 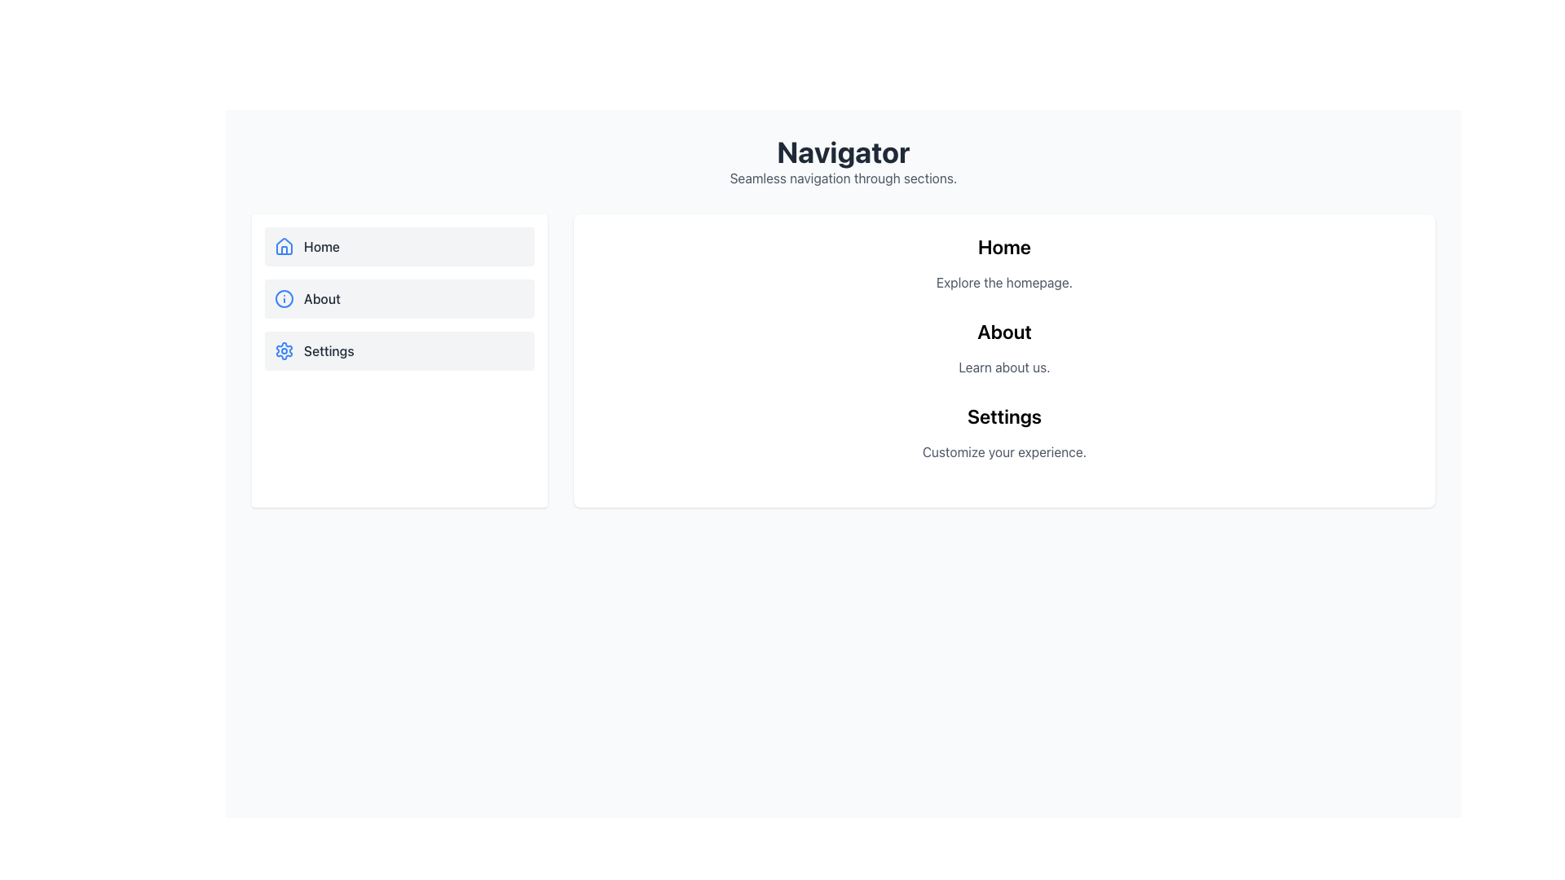 I want to click on the gear icon representing 'Settings', so click(x=284, y=350).